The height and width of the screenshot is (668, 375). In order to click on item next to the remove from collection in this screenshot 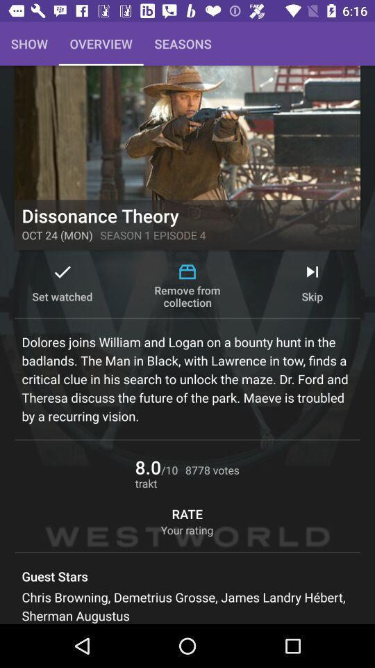, I will do `click(312, 285)`.